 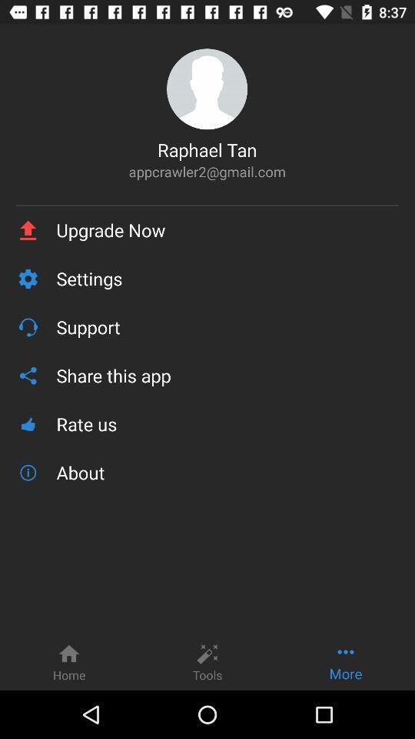 I want to click on the icon below the raphael tan item, so click(x=207, y=172).